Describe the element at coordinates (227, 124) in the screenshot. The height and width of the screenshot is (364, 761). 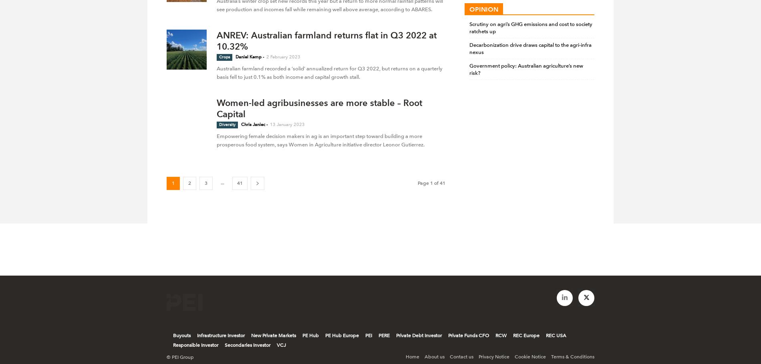
I see `'Diversity'` at that location.